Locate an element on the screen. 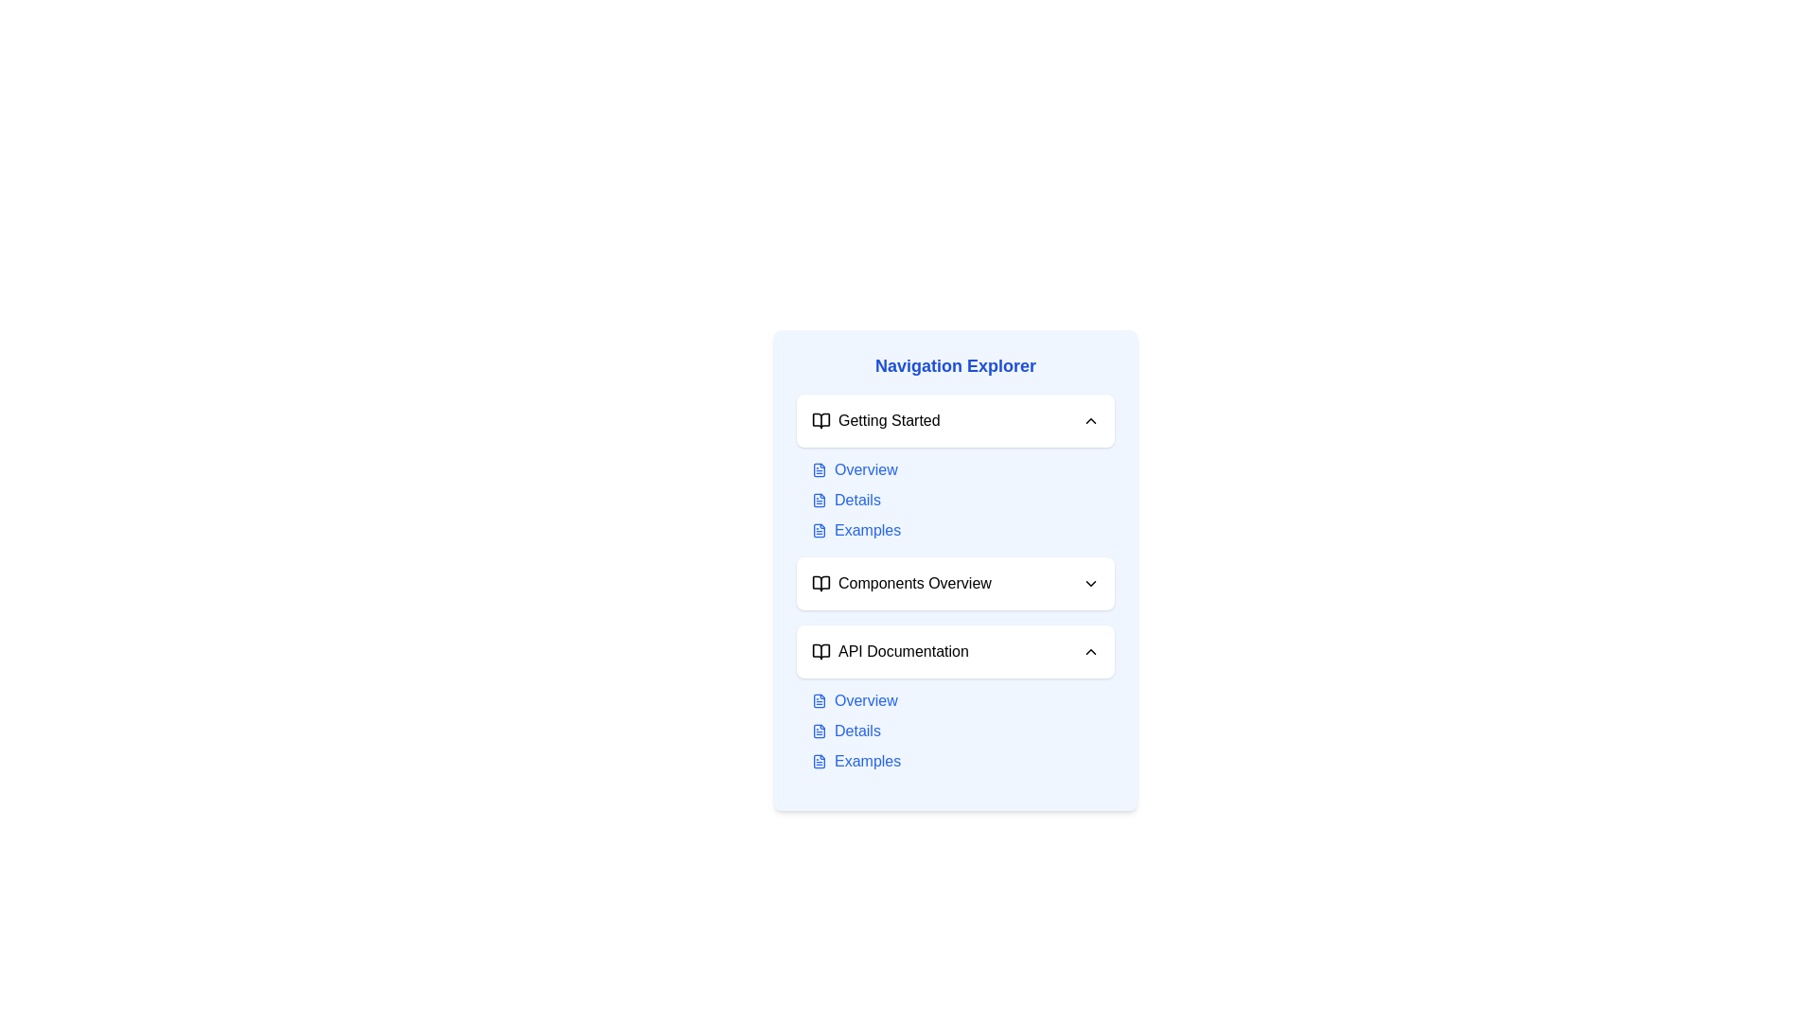 This screenshot has height=1022, width=1817. the navigation menu located in the center-right region of the interface with a blue background, which appears after the title 'Navigation Explorer' is located at coordinates (955, 569).